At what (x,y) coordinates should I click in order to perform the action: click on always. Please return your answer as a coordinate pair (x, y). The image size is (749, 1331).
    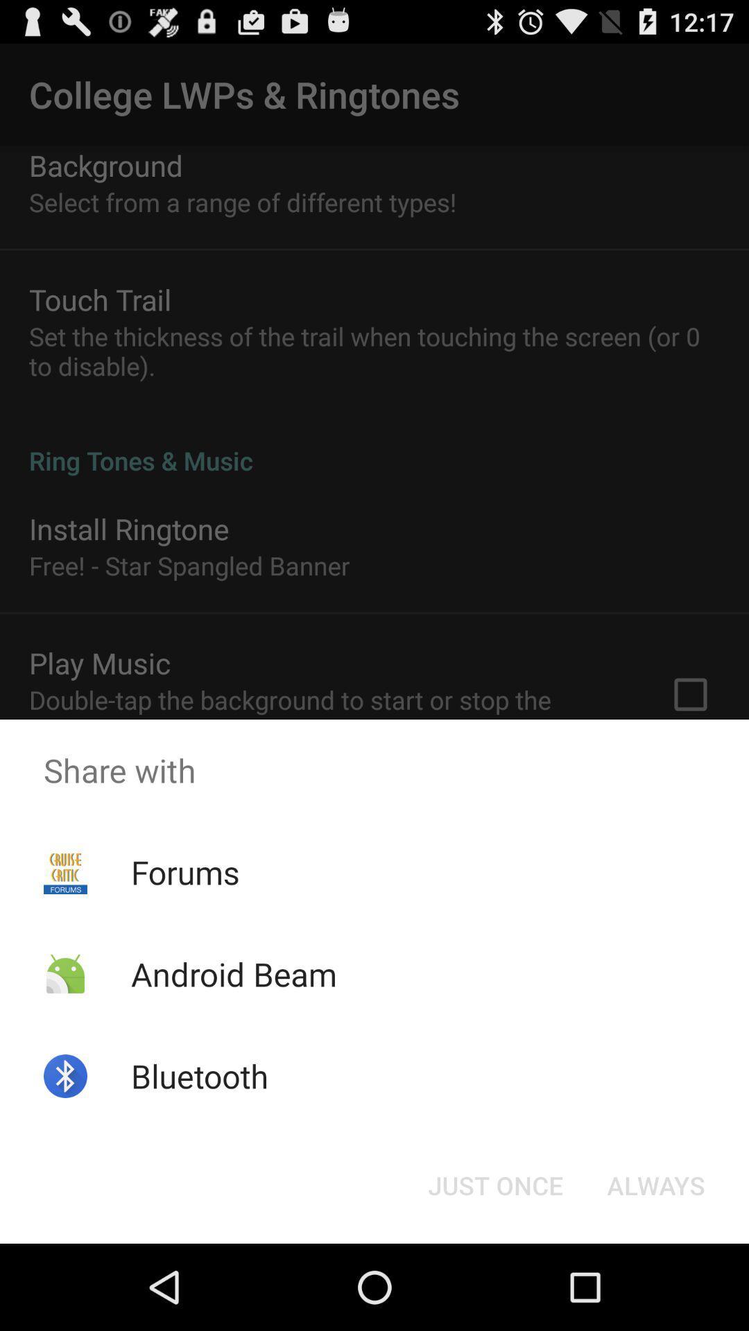
    Looking at the image, I should click on (655, 1184).